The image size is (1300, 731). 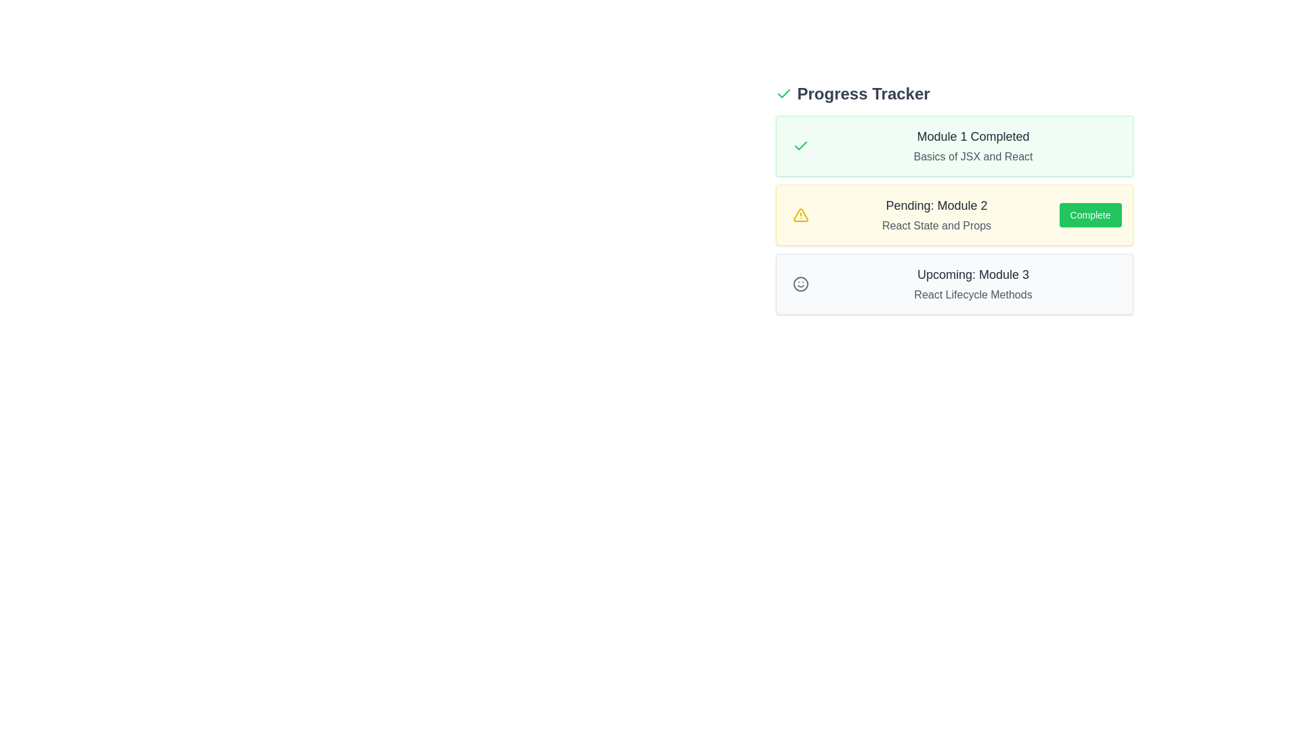 What do you see at coordinates (800, 146) in the screenshot?
I see `the visual indicator icon confirming the completion of Module 1 located in the top-left segment of the 'Module 1 Completed' progress card in the progress tracker` at bounding box center [800, 146].